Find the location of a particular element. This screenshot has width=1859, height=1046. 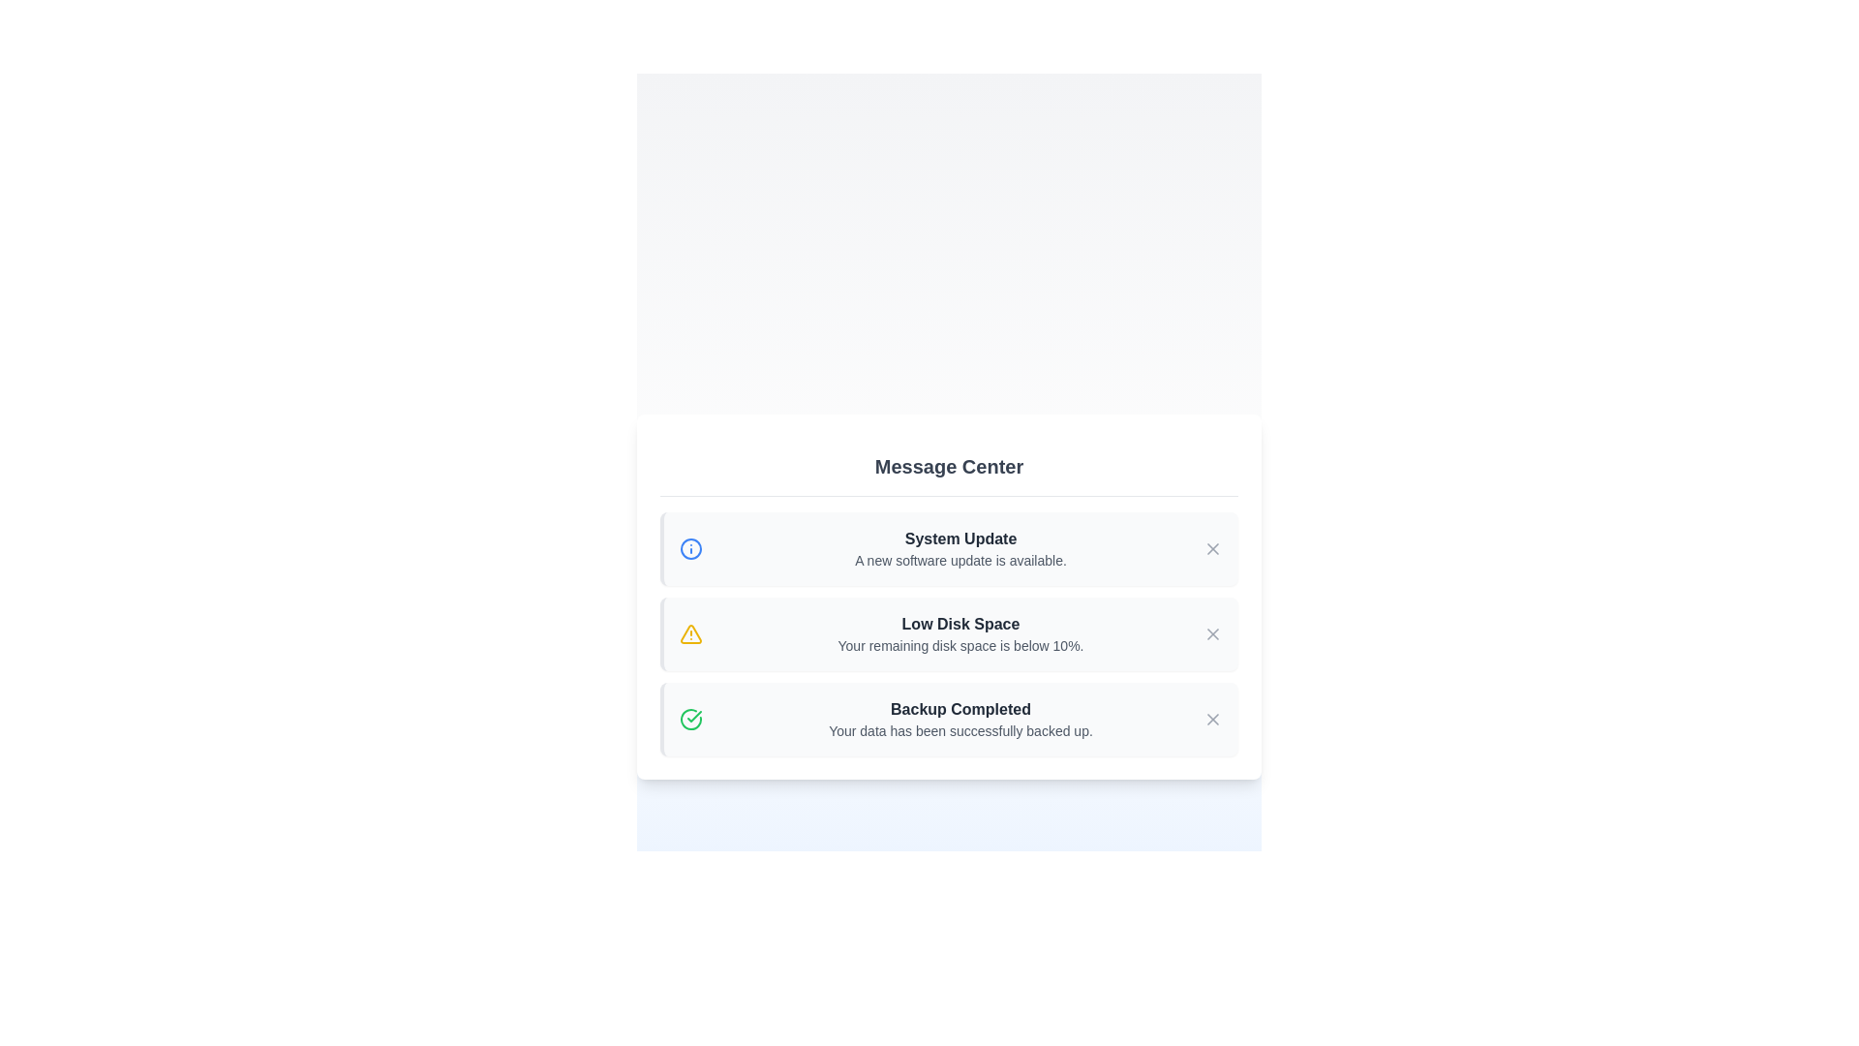

the circular boundary of the green check icon representing the 'Backup Completed' notification in the 'Message Center' section is located at coordinates (691, 719).